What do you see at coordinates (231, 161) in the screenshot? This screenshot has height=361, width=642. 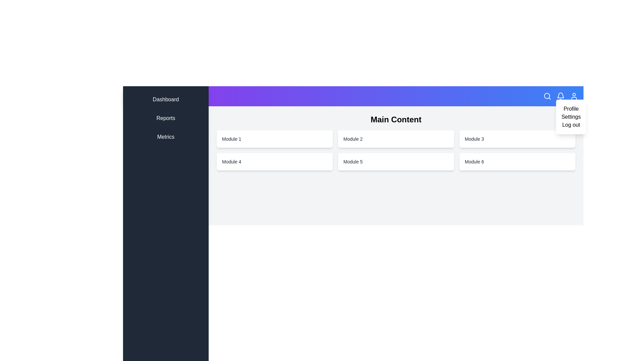 I see `the label representing 'Module 4' located in the second row of the grid layout within the 'Main Content' section` at bounding box center [231, 161].